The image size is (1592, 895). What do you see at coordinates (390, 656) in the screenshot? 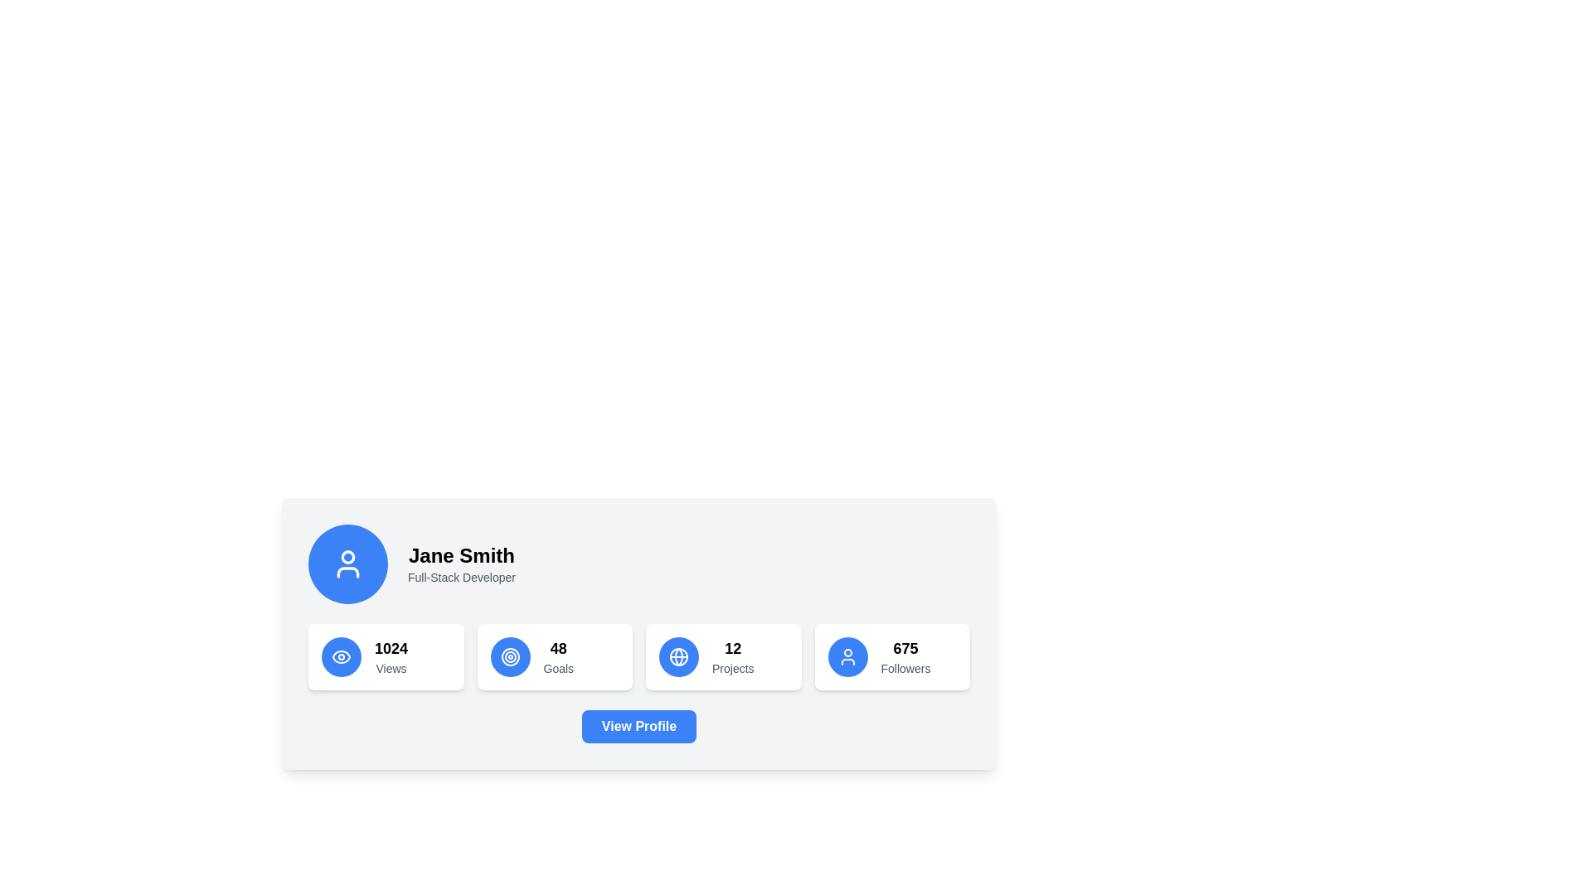
I see `the Statistical Information Display that shows '1024' above 'Views', styled prominently and smaller respectively, located in the top section of a card-like structure` at bounding box center [390, 656].